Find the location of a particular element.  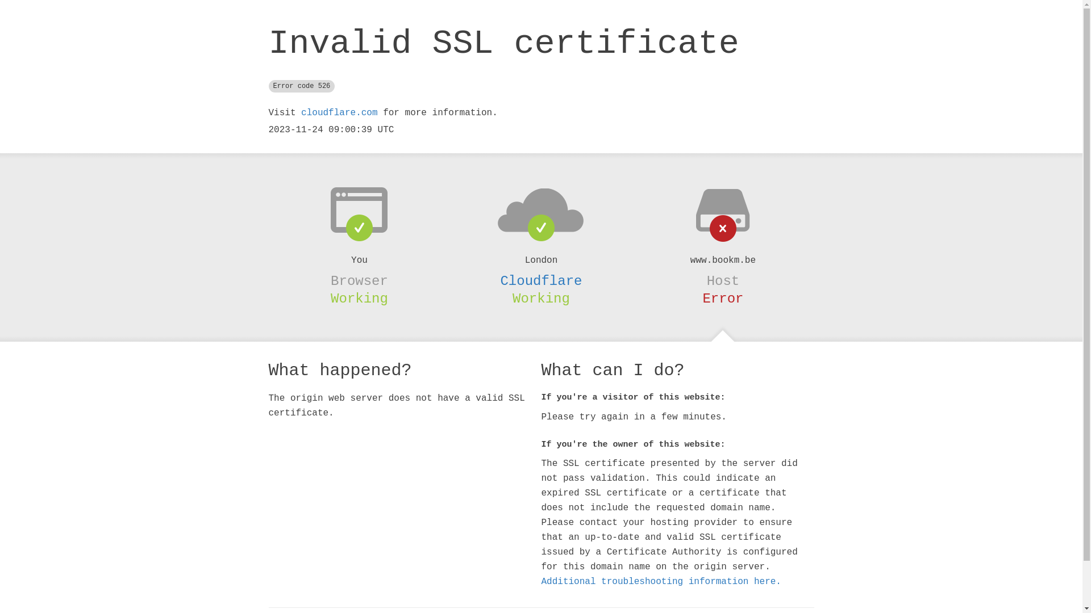

'cloudflare.com' is located at coordinates (301, 113).